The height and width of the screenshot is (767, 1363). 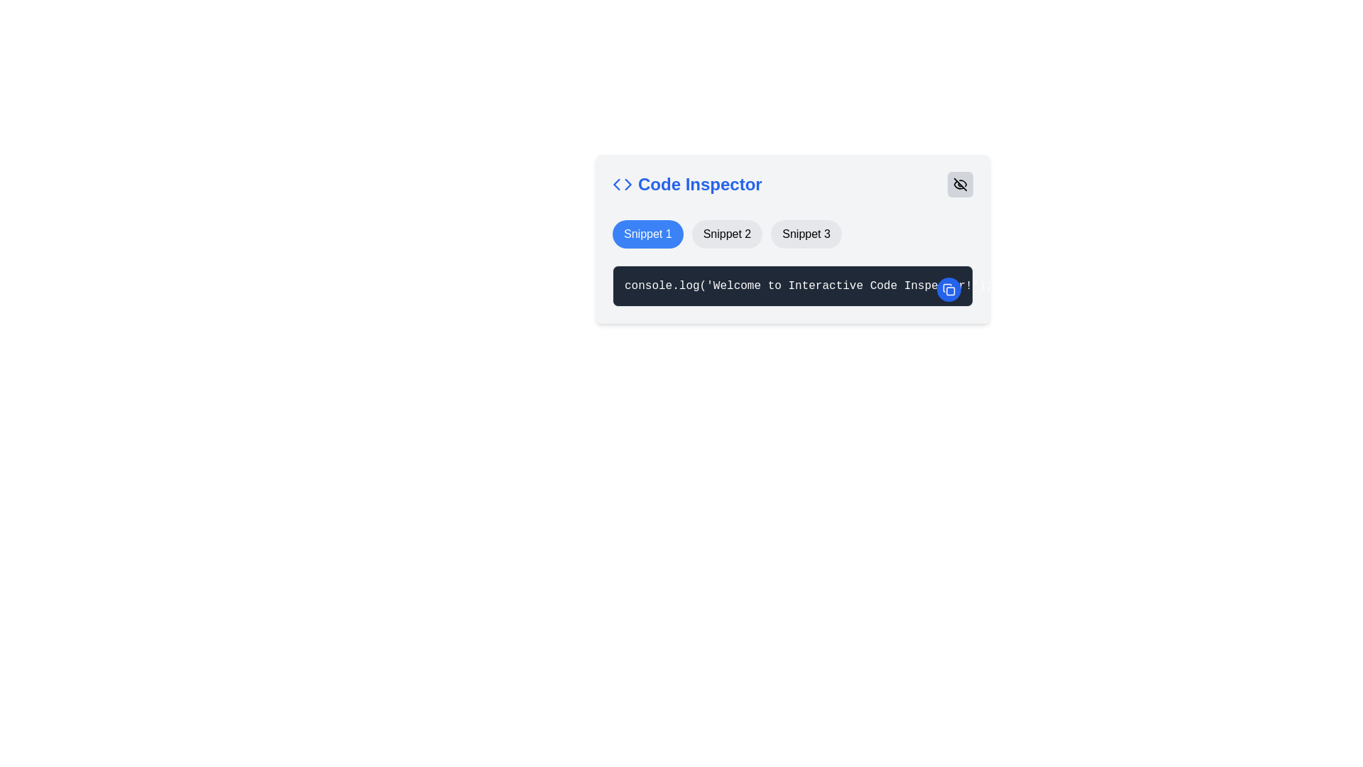 What do you see at coordinates (727, 234) in the screenshot?
I see `the button labeled 'Snippet 2'` at bounding box center [727, 234].